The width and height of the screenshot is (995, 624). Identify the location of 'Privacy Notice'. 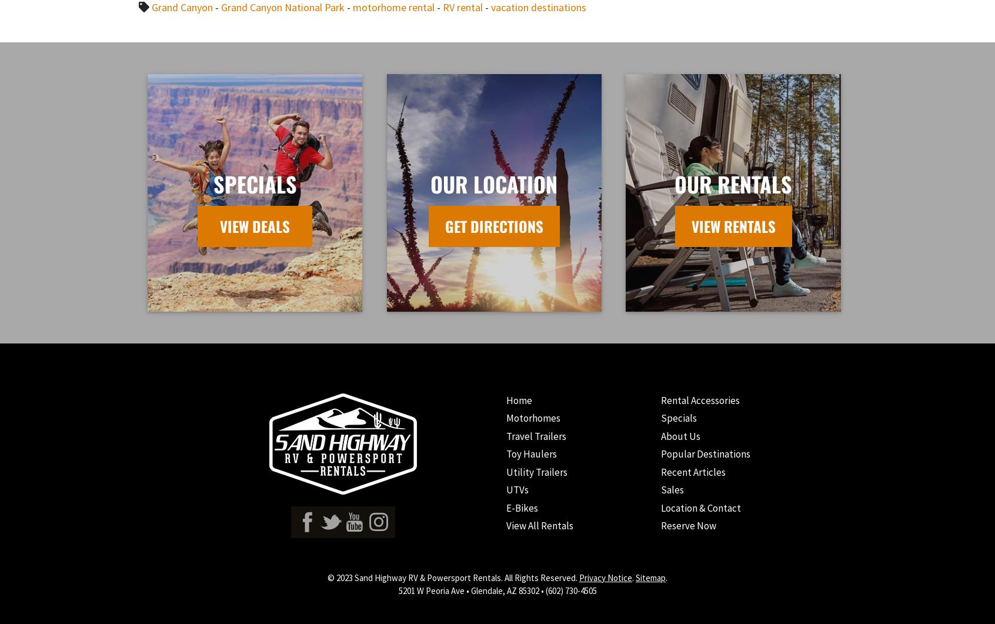
(579, 576).